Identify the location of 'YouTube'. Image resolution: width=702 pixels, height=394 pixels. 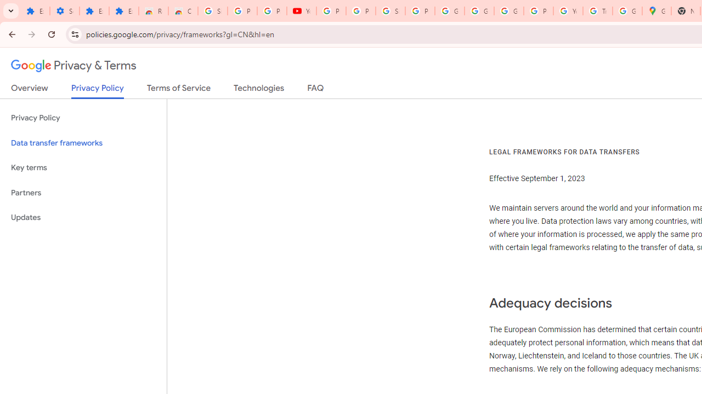
(302, 11).